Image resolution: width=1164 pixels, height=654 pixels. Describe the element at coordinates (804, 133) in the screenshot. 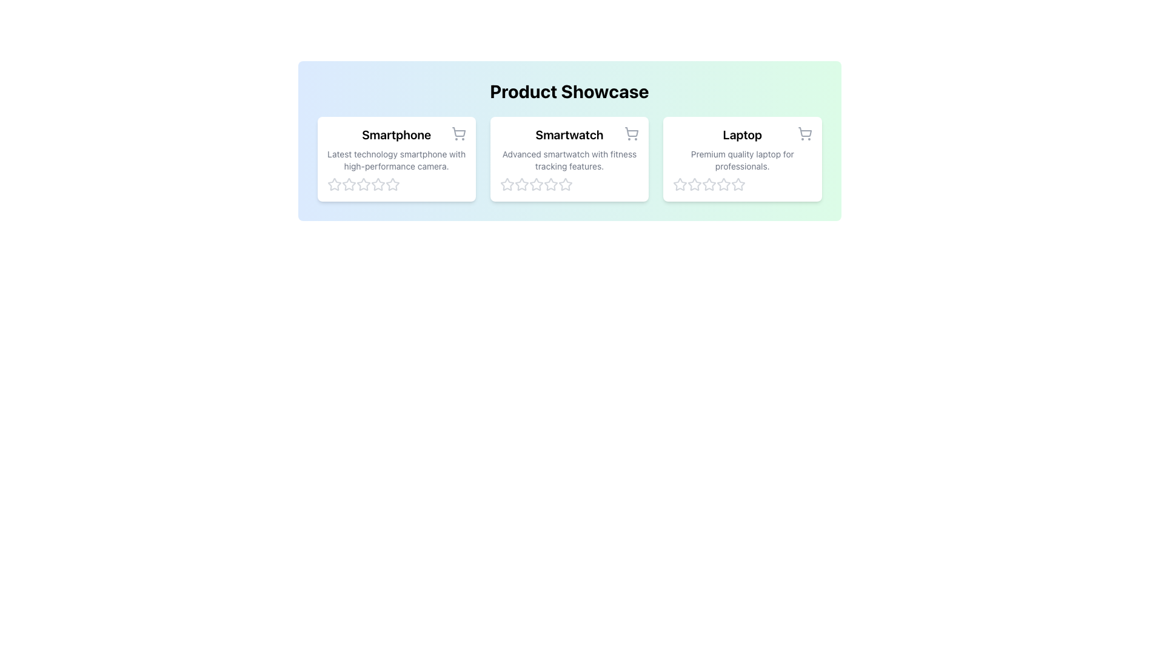

I see `the shopping cart icon located in the top-right corner of the 'Laptop' product card` at that location.